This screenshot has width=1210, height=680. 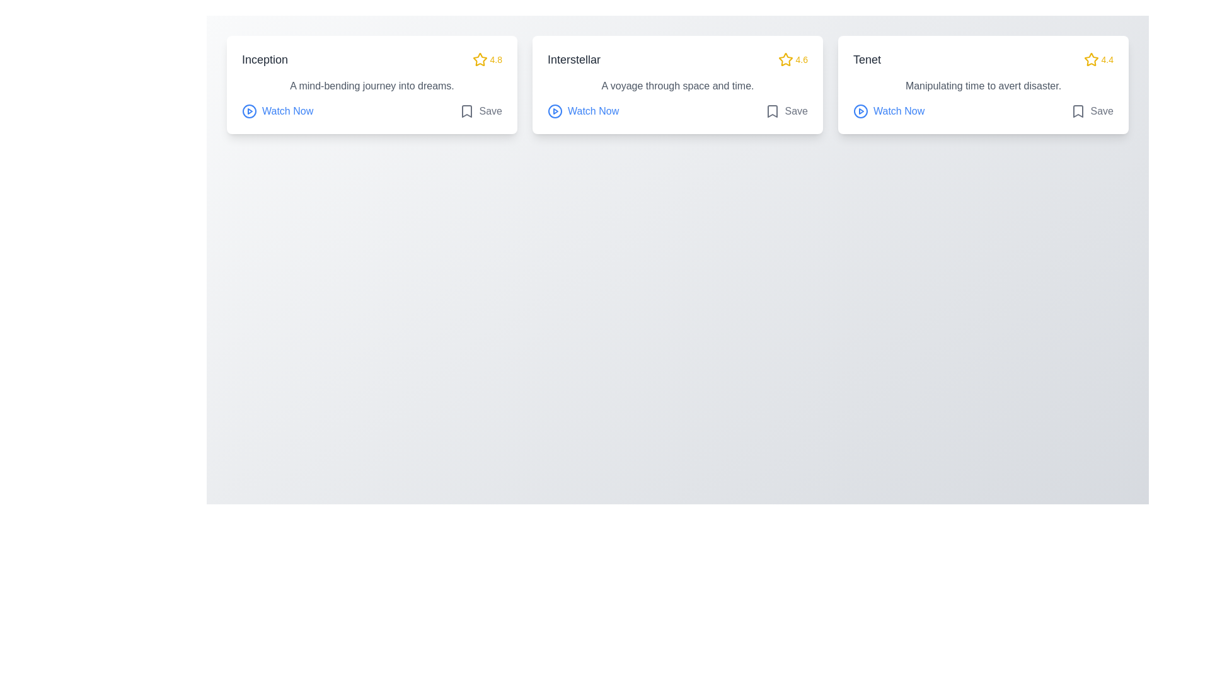 I want to click on the text label that serves as the title of the movie or content in the upper left corner of the third card in a horizontally arranged list of similar cards, so click(x=867, y=60).